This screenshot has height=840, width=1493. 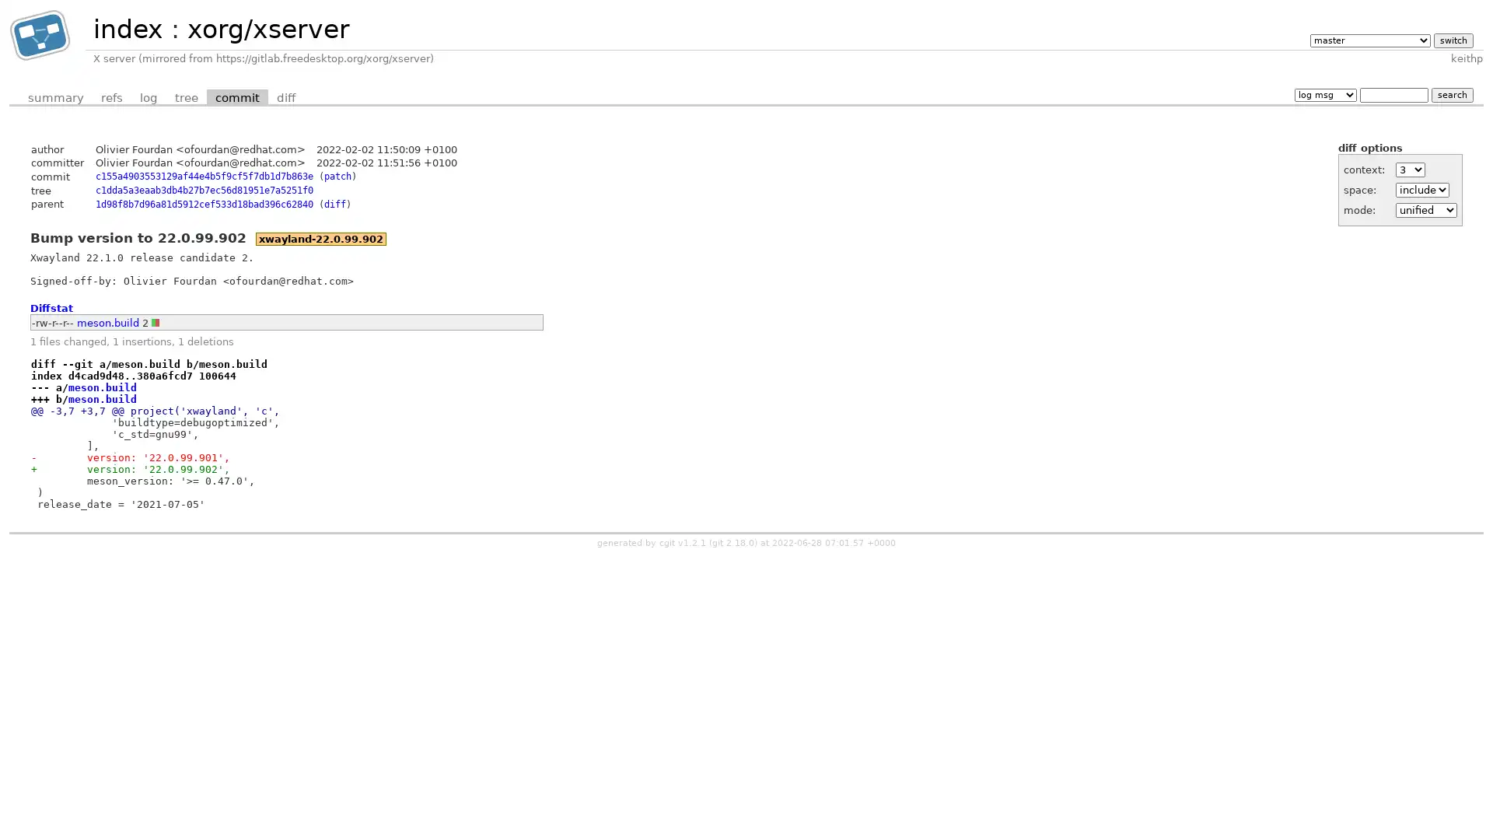 I want to click on search, so click(x=1451, y=94).